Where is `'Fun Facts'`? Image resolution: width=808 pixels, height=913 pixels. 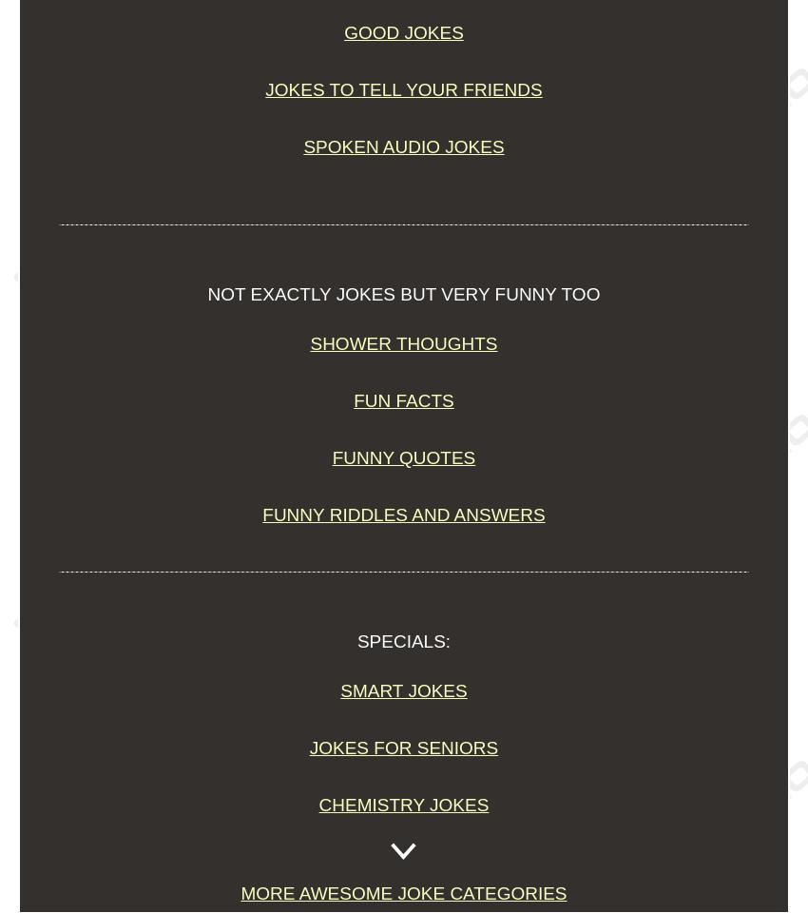
'Fun Facts' is located at coordinates (352, 400).